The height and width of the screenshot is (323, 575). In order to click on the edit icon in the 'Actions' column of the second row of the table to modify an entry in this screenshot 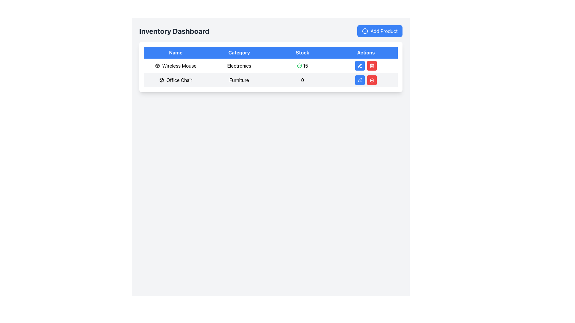, I will do `click(359, 80)`.